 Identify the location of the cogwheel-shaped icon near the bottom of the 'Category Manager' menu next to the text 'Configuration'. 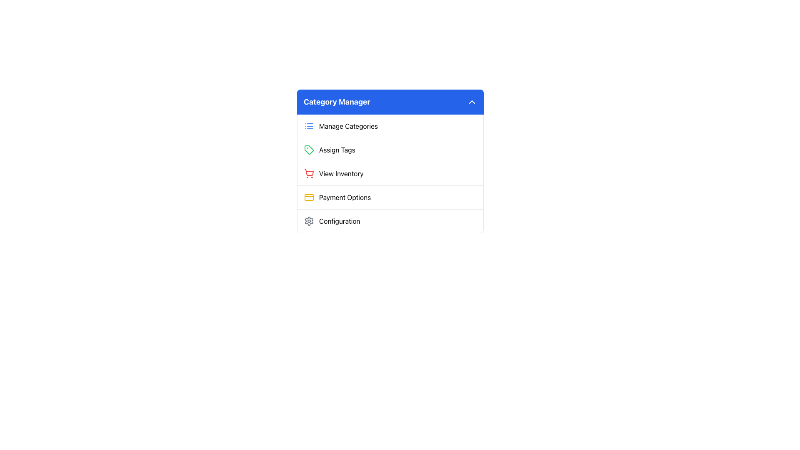
(309, 221).